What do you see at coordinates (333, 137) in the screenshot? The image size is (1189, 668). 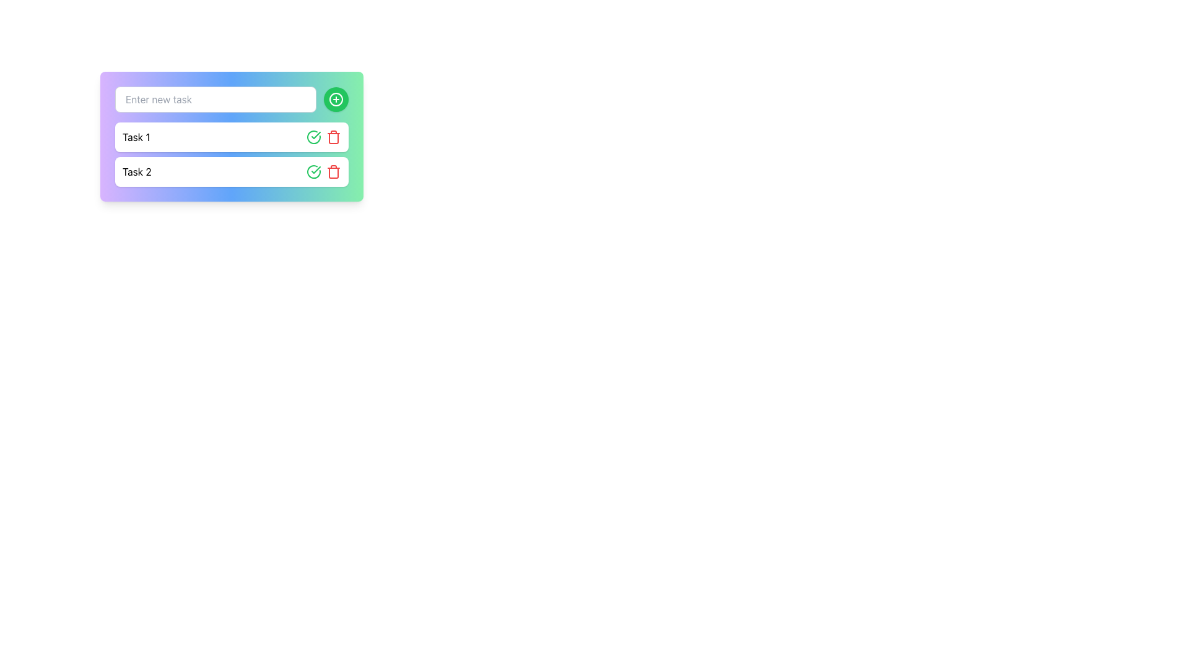 I see `the red trash can icon for deletion, located on the right side of 'Task 2' in the task list` at bounding box center [333, 137].